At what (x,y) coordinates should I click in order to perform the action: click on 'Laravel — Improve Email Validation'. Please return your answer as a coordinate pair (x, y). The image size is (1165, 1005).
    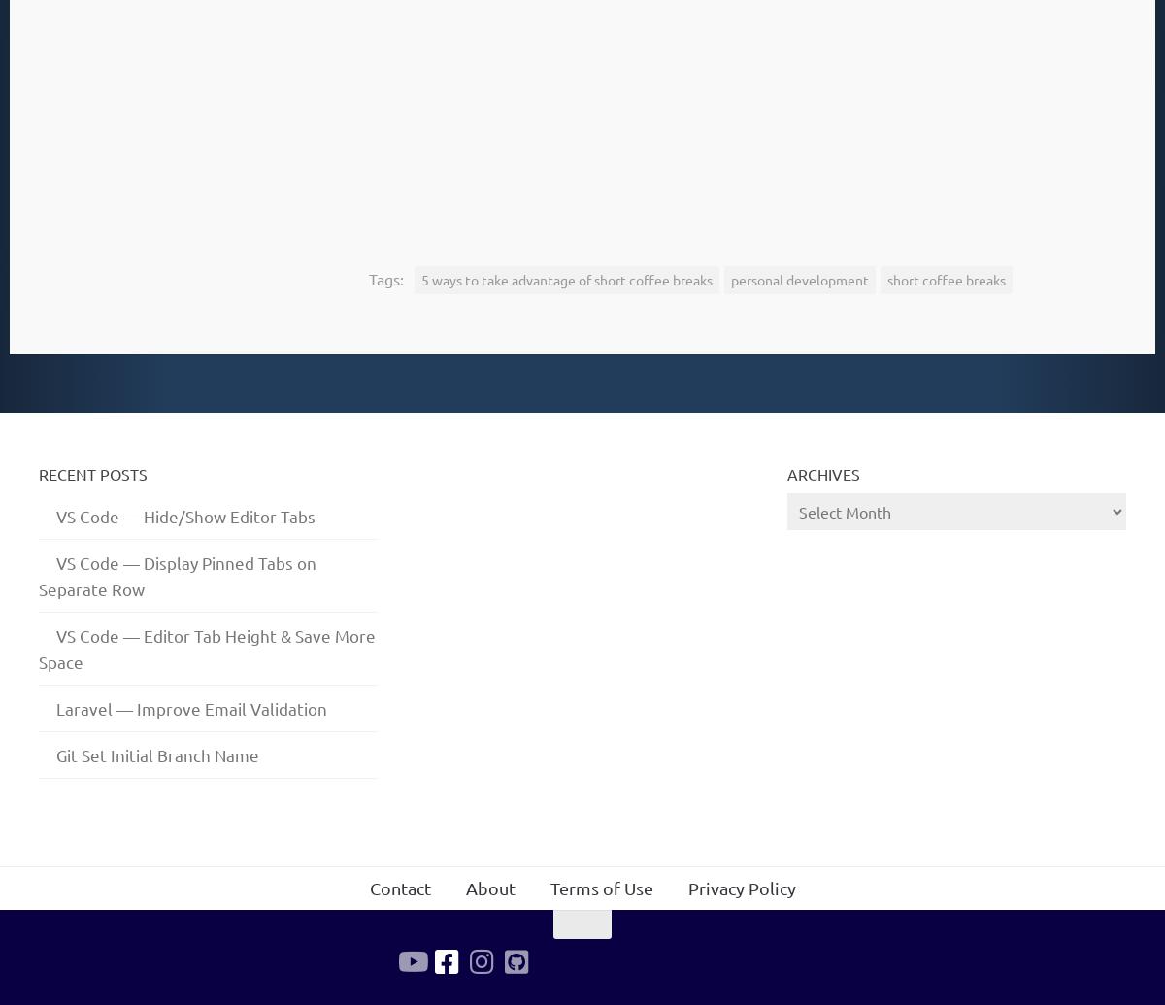
    Looking at the image, I should click on (190, 707).